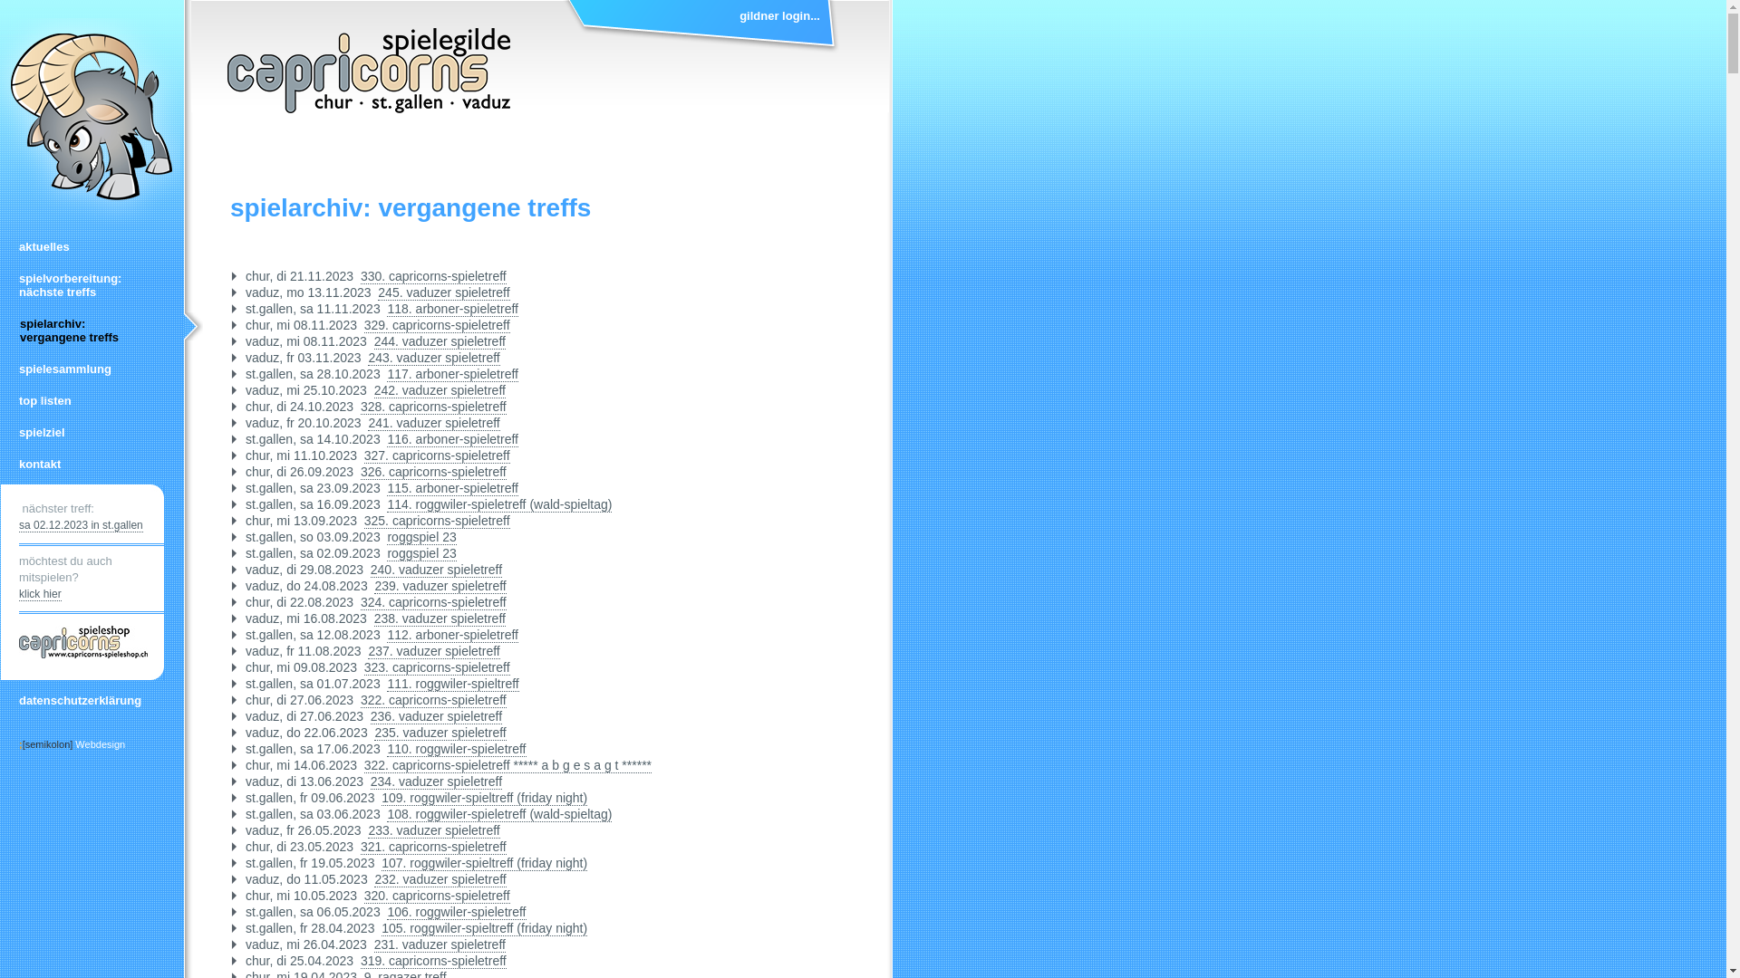  What do you see at coordinates (90, 432) in the screenshot?
I see `'spielziel'` at bounding box center [90, 432].